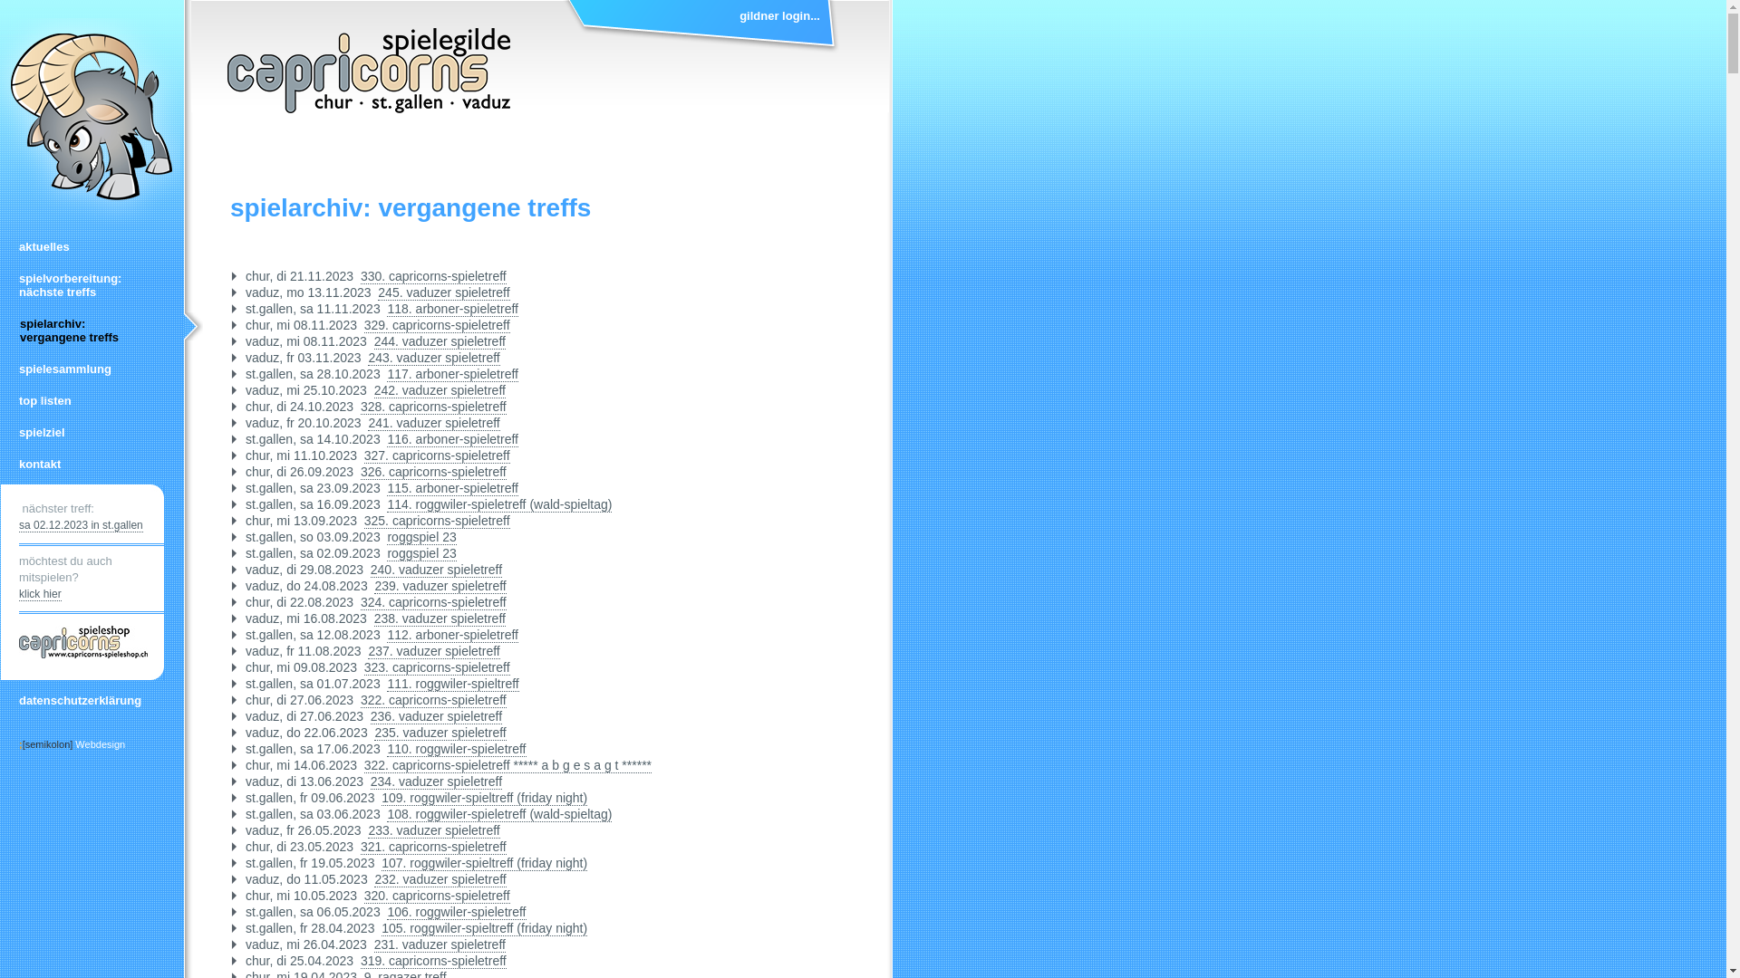  What do you see at coordinates (90, 432) in the screenshot?
I see `'spielziel'` at bounding box center [90, 432].